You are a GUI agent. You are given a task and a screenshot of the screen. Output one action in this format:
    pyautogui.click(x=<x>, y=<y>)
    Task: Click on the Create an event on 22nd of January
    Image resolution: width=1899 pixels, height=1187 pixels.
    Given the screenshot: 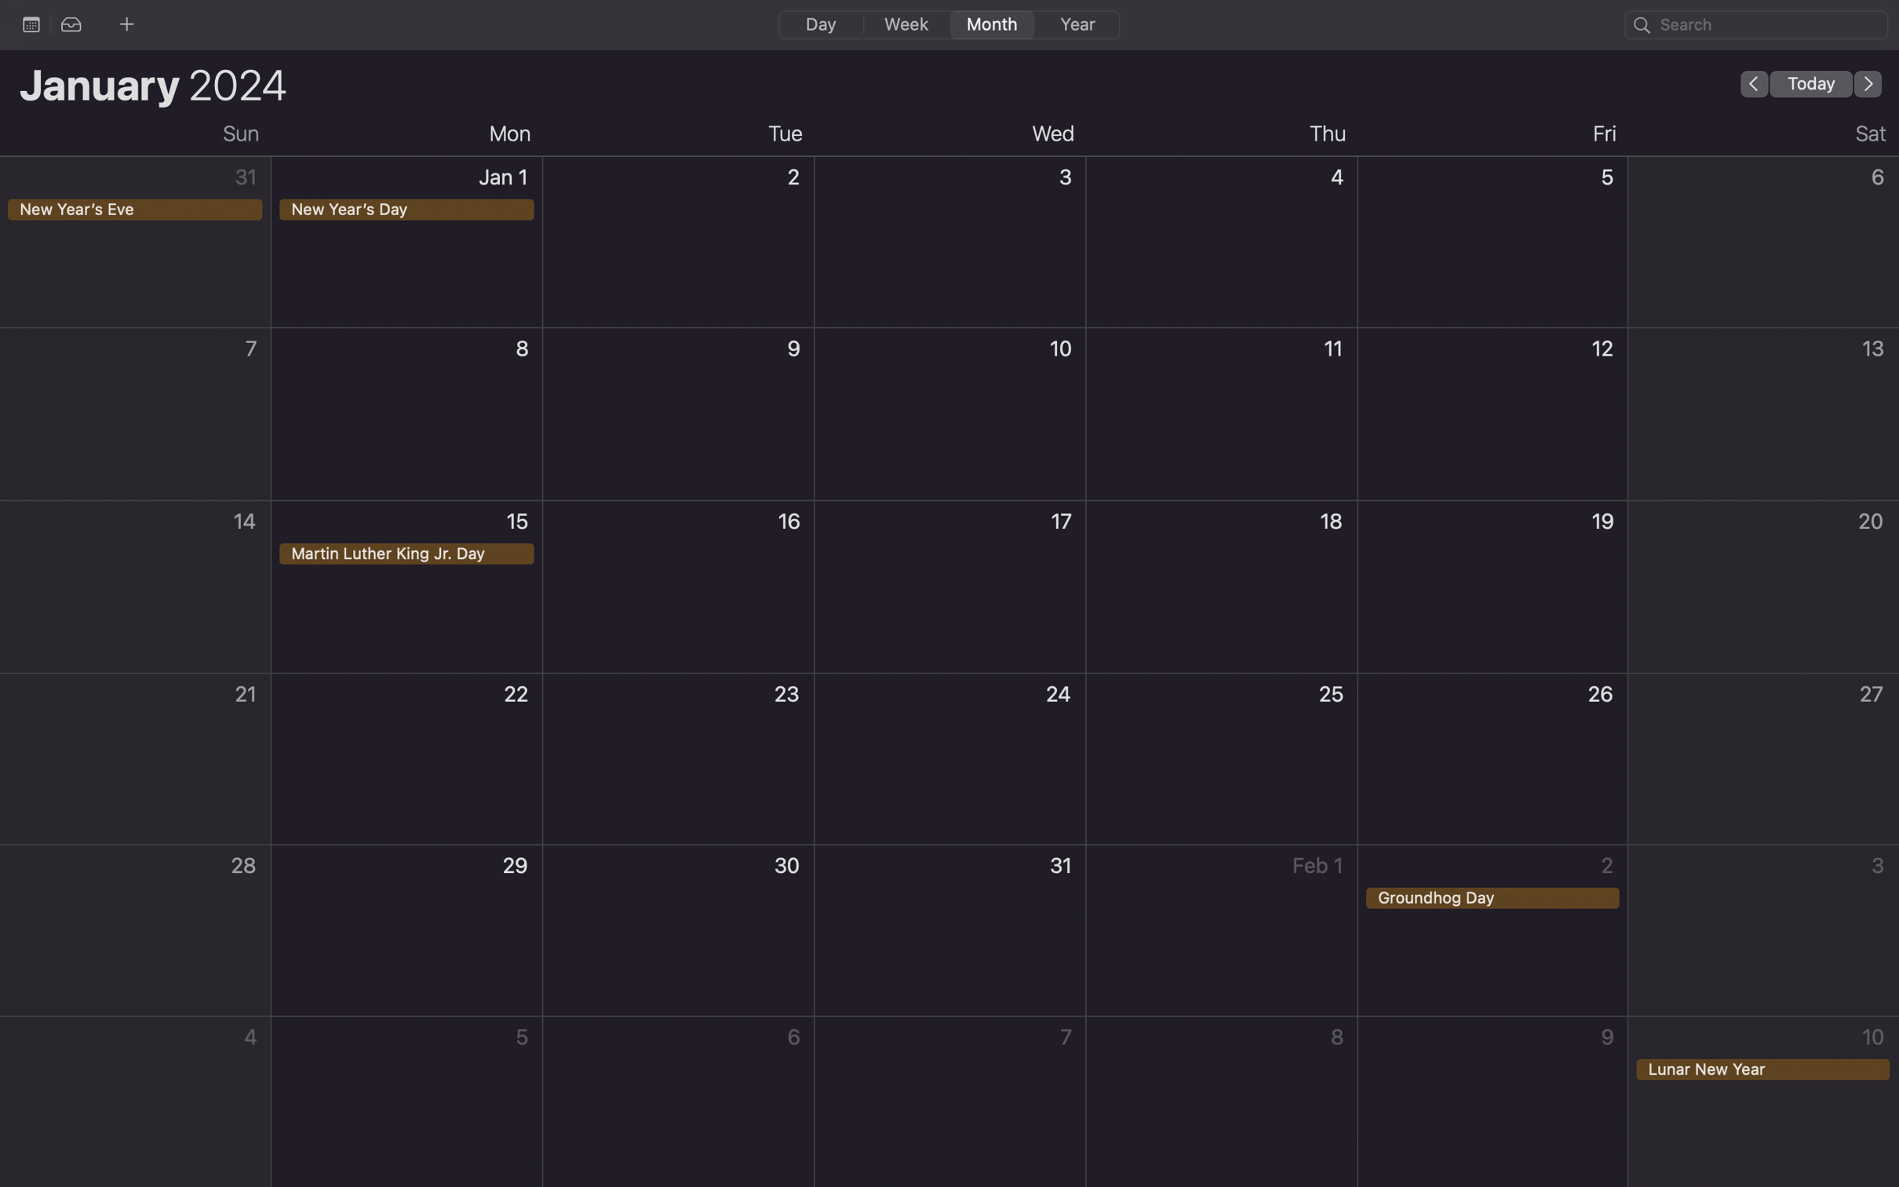 What is the action you would take?
    pyautogui.click(x=406, y=759)
    